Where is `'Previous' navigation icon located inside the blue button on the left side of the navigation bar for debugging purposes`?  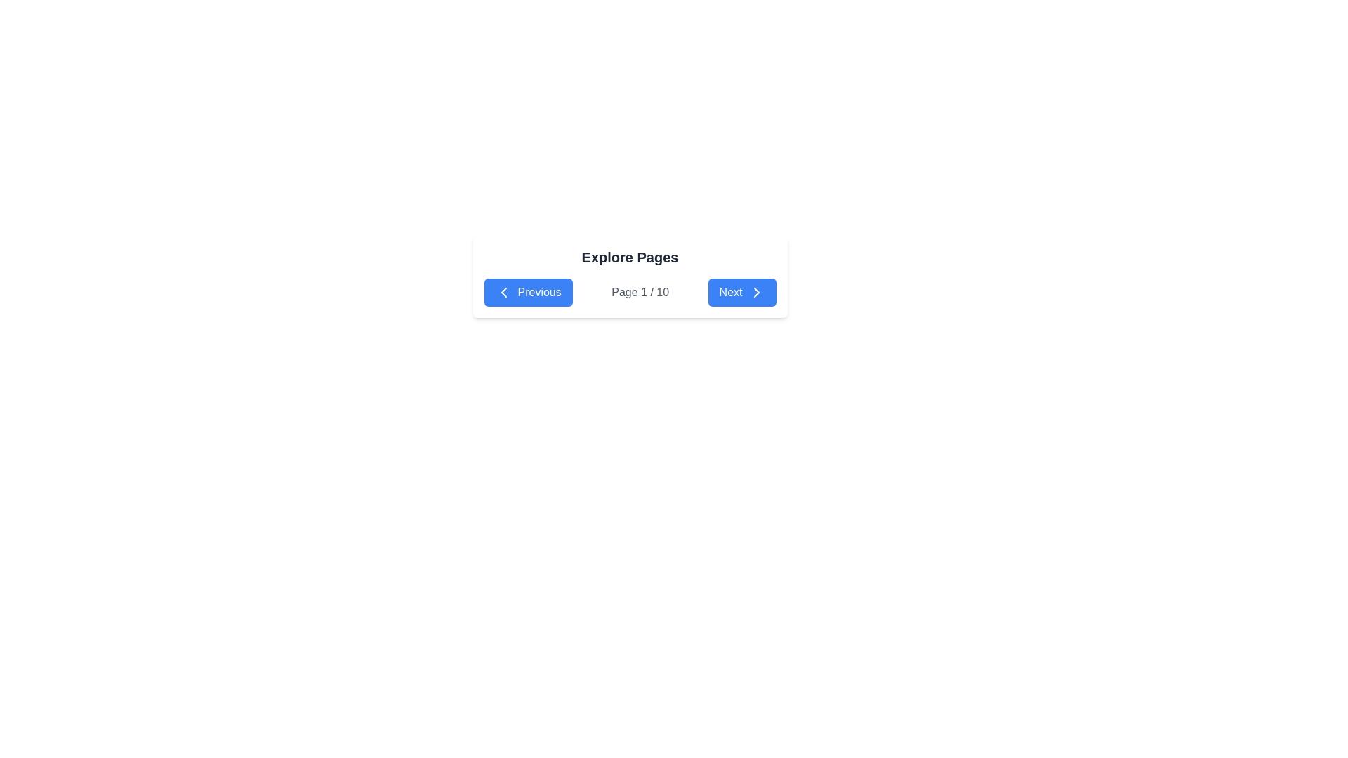 'Previous' navigation icon located inside the blue button on the left side of the navigation bar for debugging purposes is located at coordinates (503, 291).